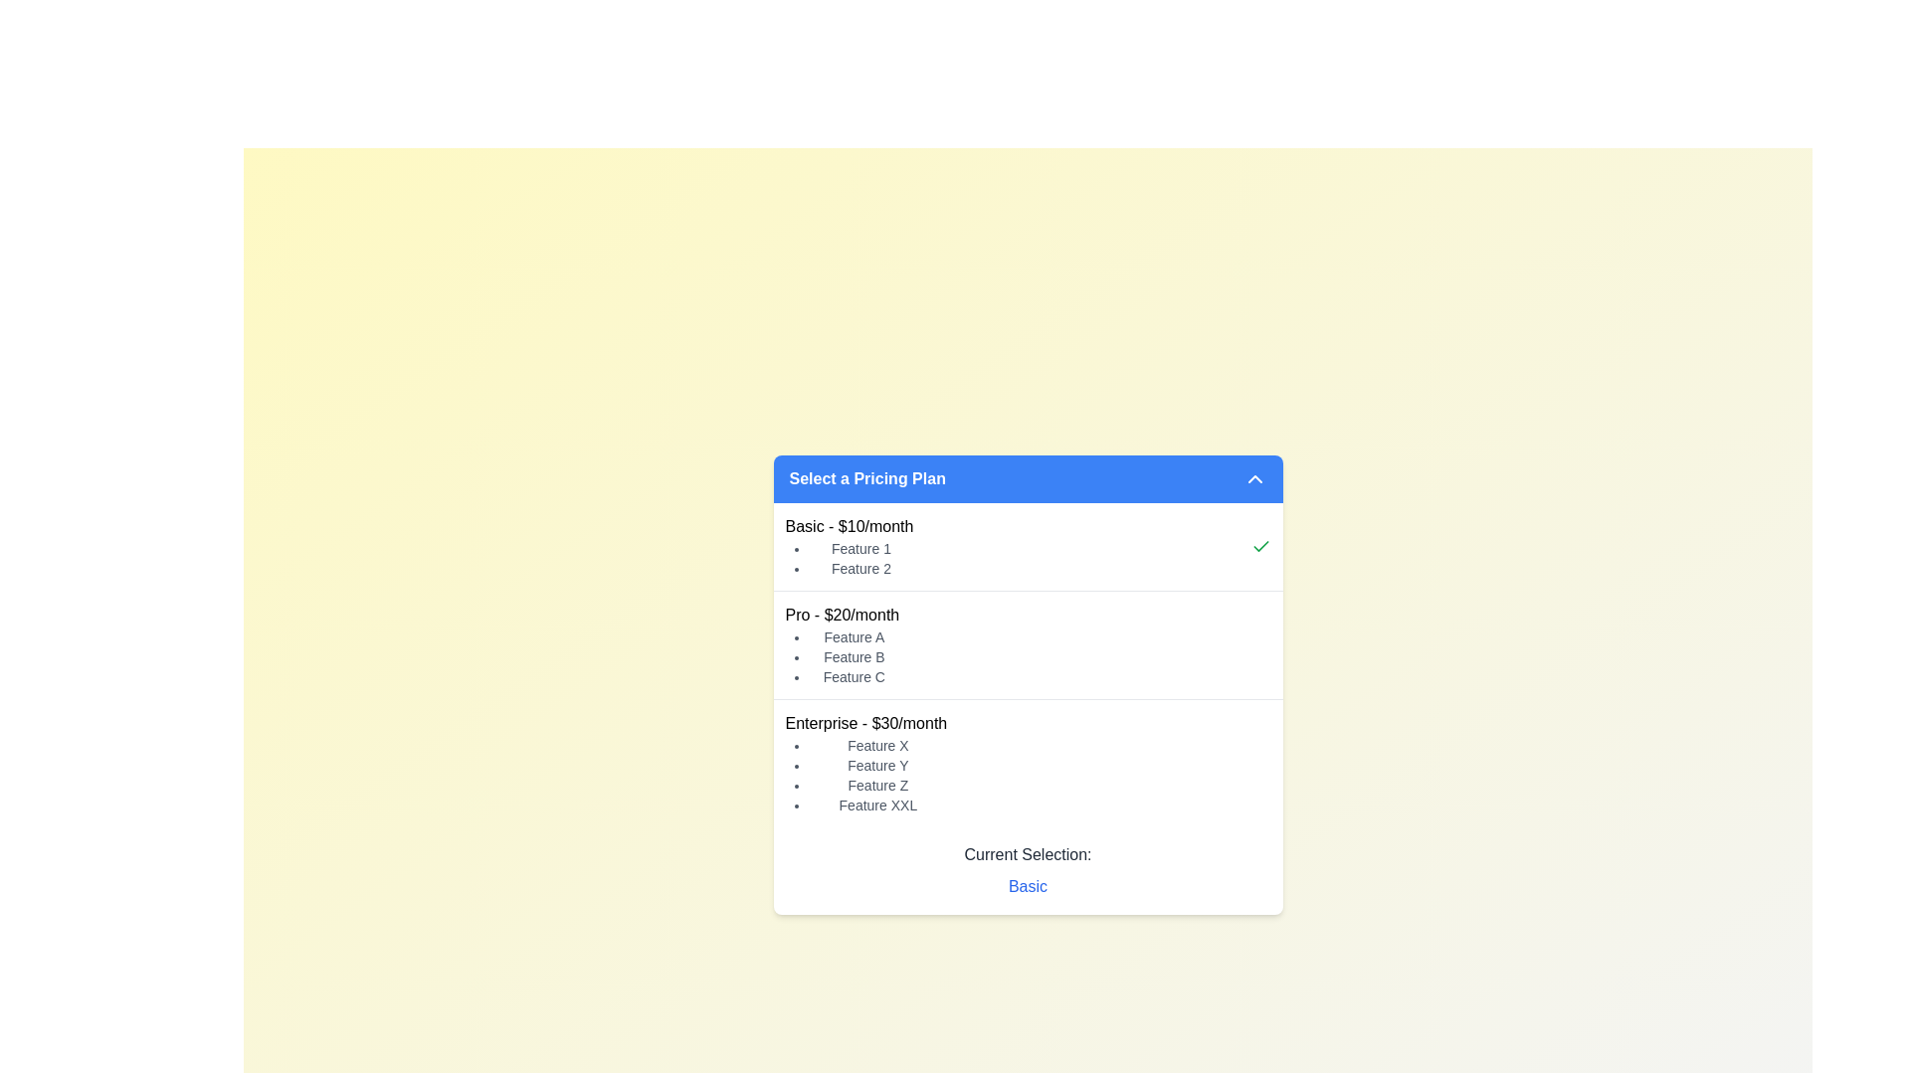 The image size is (1910, 1074). Describe the element at coordinates (860, 548) in the screenshot. I see `the 'Feature 1' text label` at that location.